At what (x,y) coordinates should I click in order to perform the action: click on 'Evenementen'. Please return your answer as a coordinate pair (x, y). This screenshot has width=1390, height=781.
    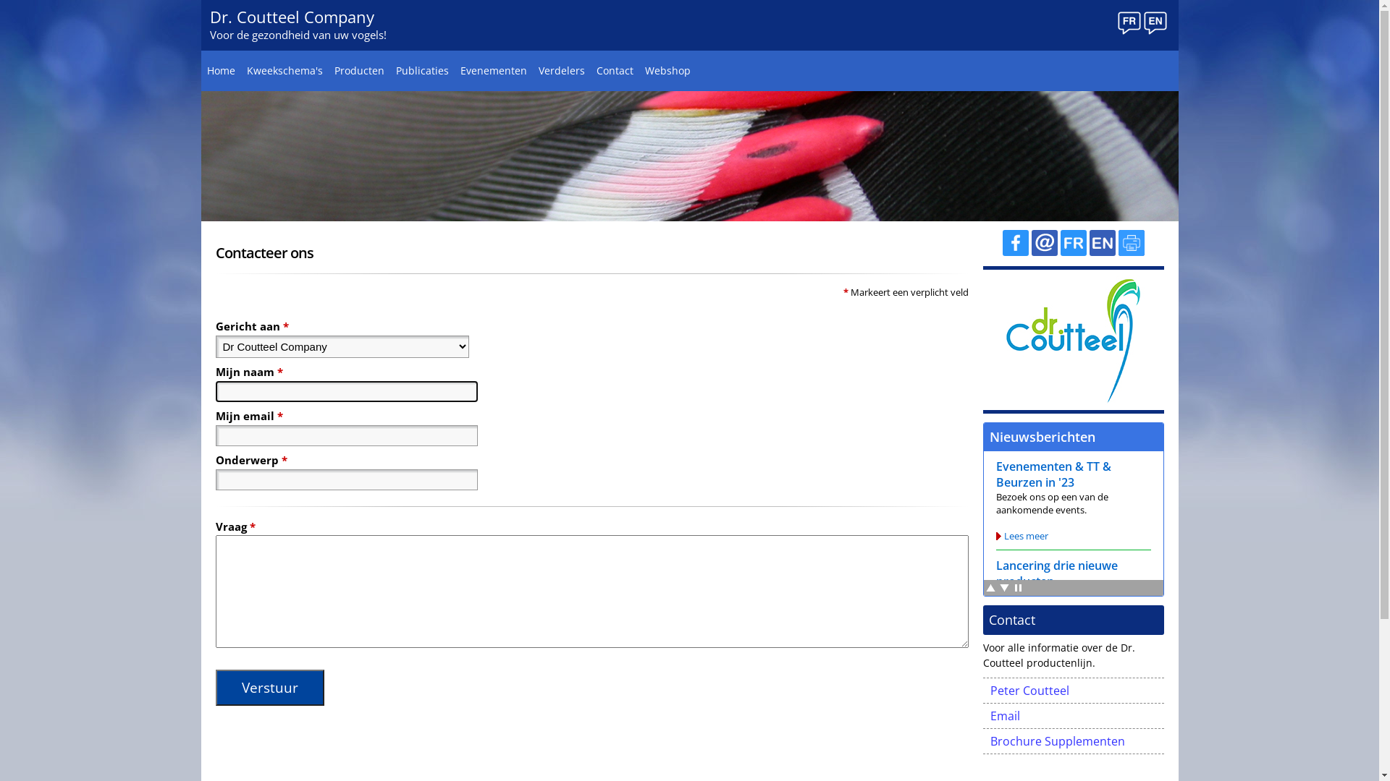
    Looking at the image, I should click on (493, 70).